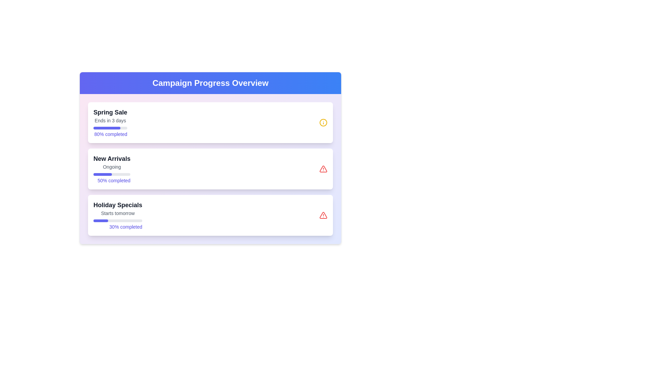  I want to click on the indigo progress indicator bar located in the third section of the 'Holiday Specials' card in the Campaign Progress Overview interface, so click(100, 221).